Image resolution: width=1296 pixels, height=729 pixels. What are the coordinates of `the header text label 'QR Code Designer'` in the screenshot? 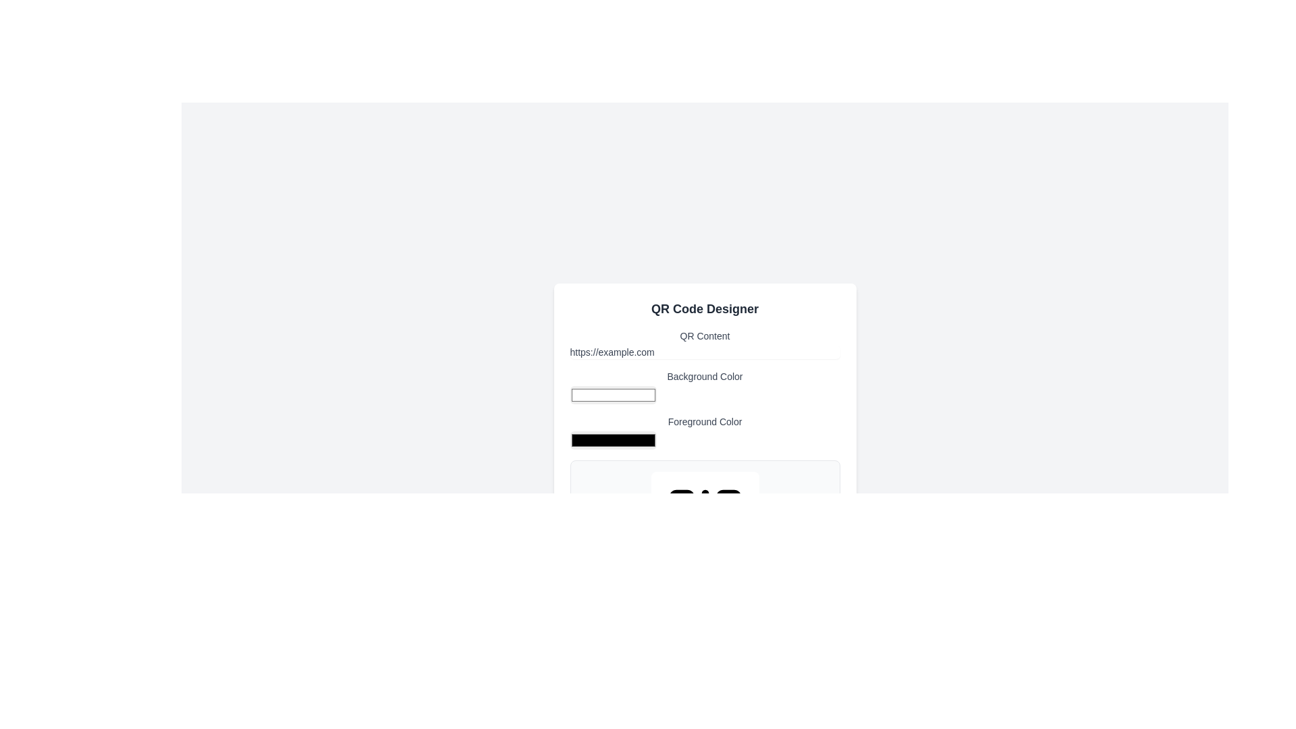 It's located at (704, 309).